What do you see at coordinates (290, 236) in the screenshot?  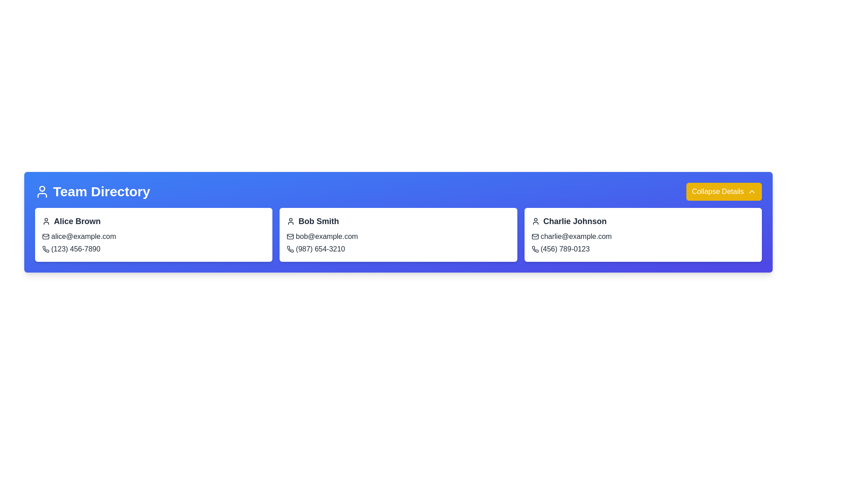 I see `the small dark envelope icon located to the left of the email address 'bob@example.com' in the second card of the 'Team Directory' section` at bounding box center [290, 236].